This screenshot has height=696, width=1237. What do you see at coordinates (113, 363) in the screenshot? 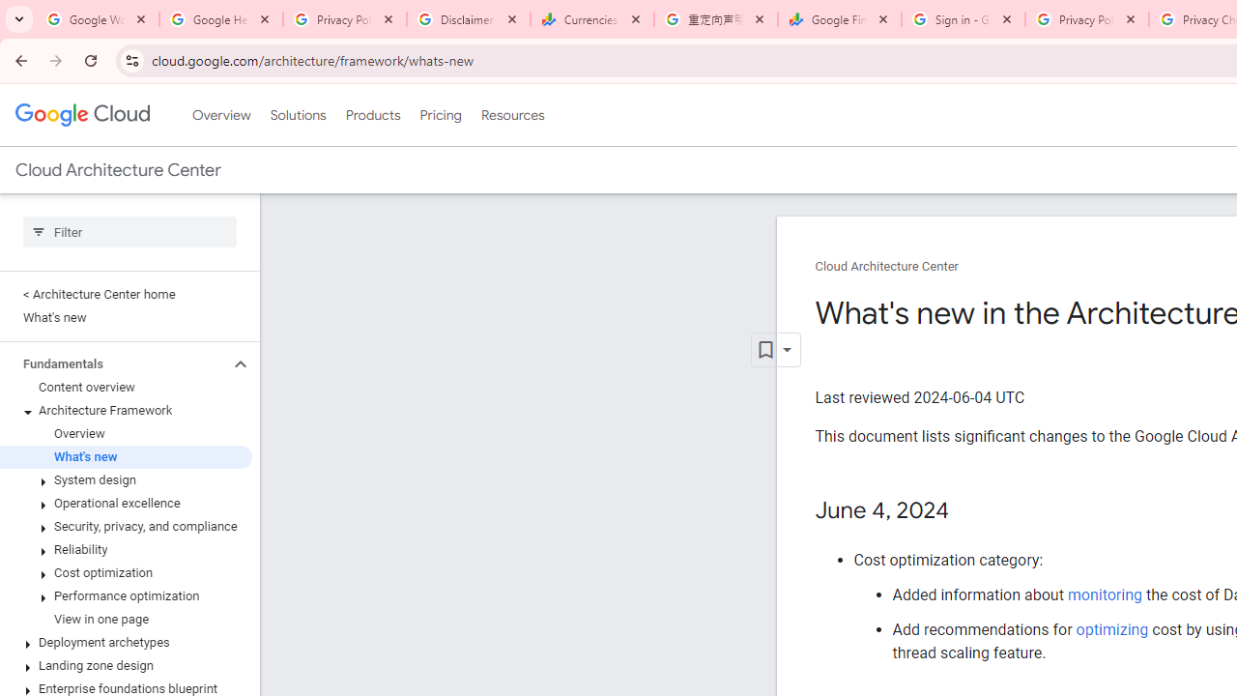
I see `'Fundamentals'` at bounding box center [113, 363].